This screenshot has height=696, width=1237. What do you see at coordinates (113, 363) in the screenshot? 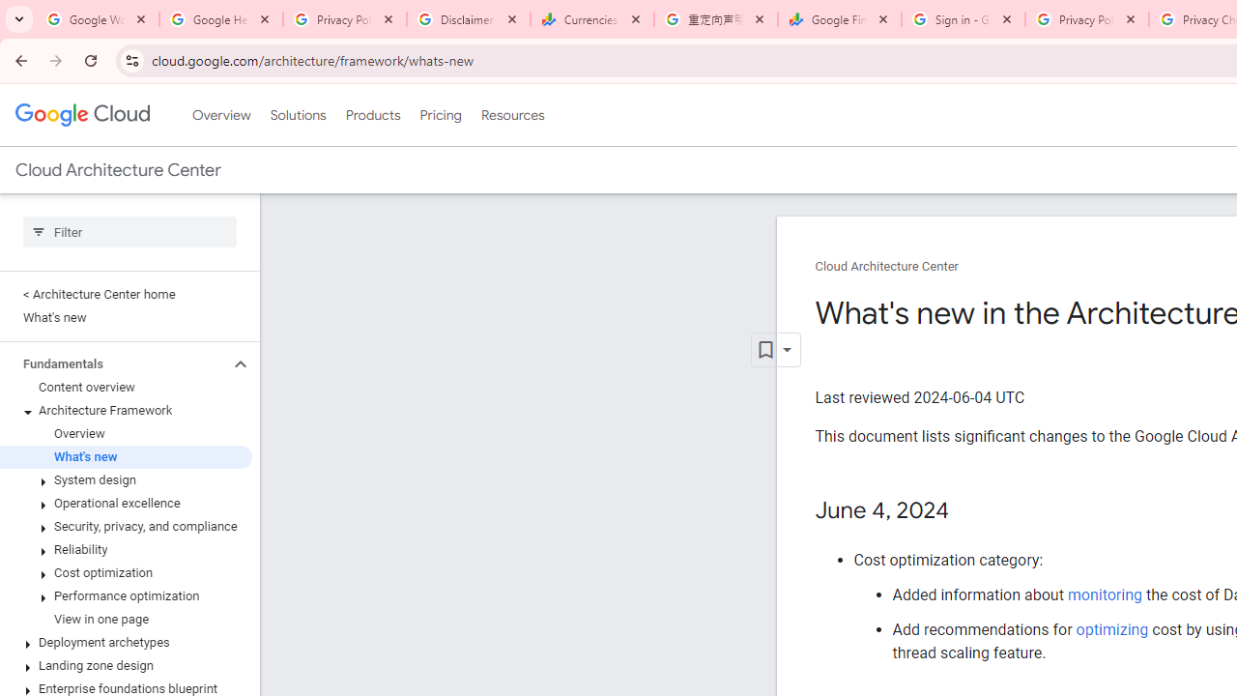
I see `'Fundamentals'` at bounding box center [113, 363].